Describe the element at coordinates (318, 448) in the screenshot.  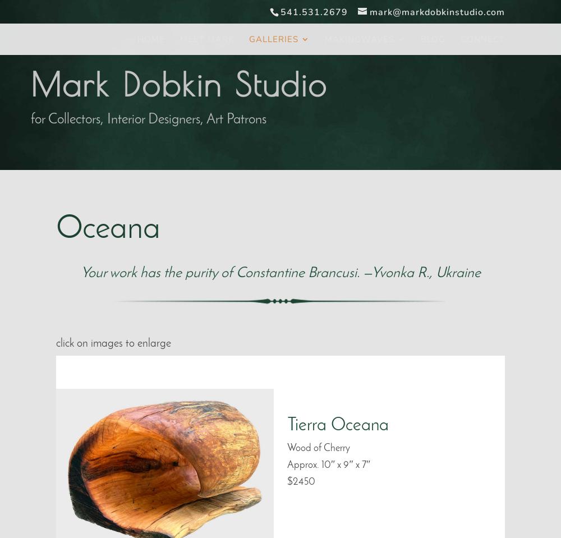
I see `'Wood of Cherry'` at that location.